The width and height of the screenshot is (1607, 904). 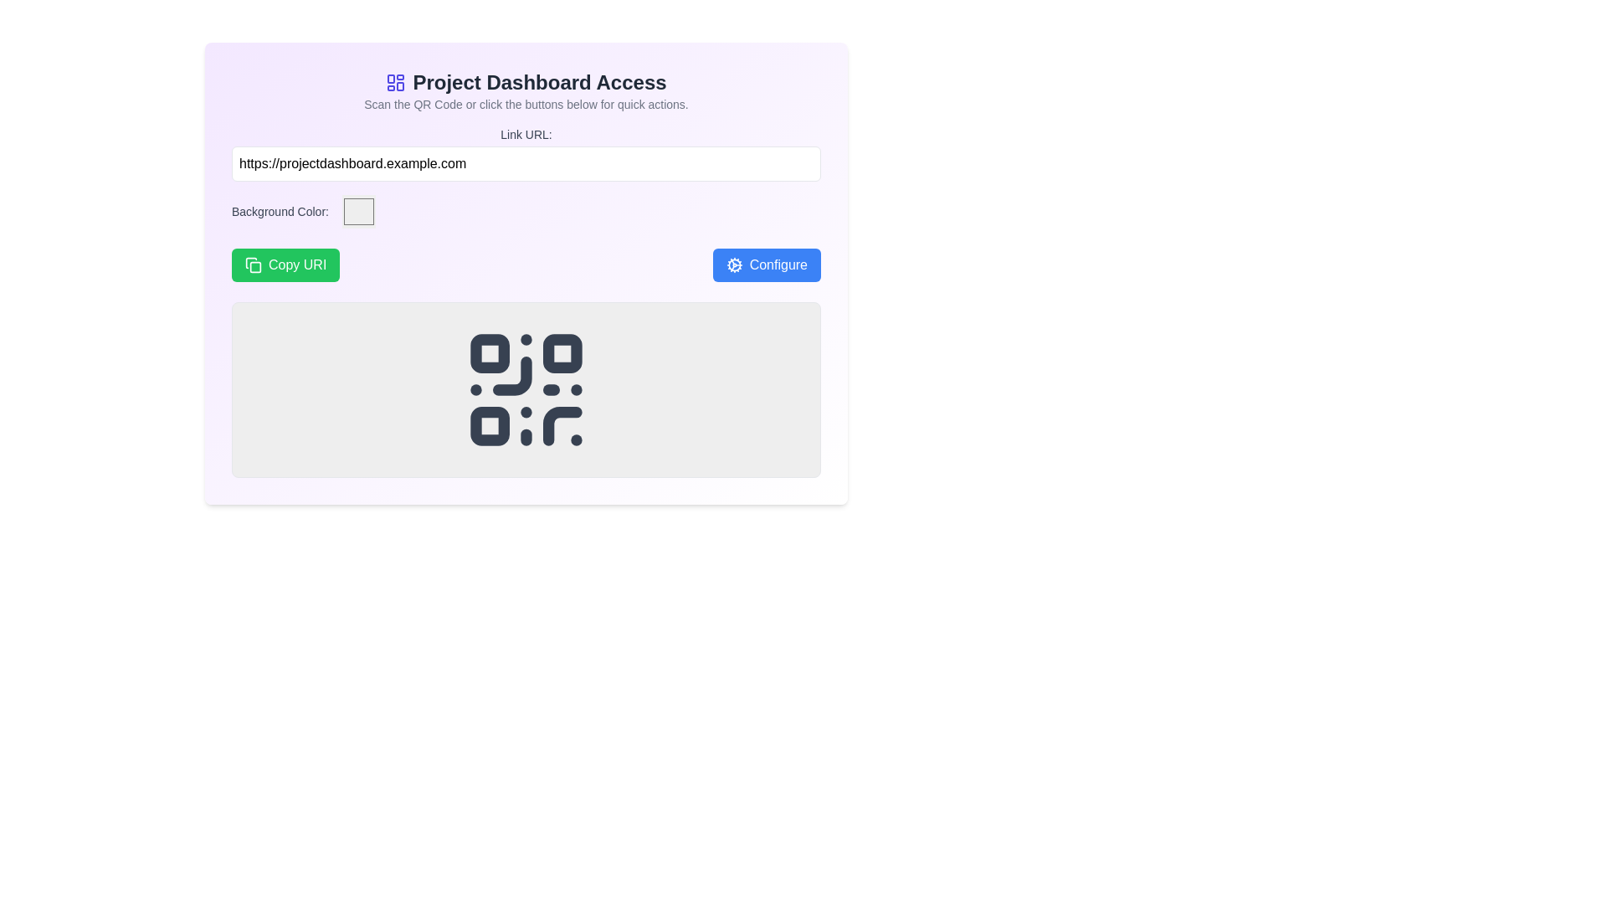 I want to click on the text label reading 'Link URL:' which is styled in gray color and located above the URL input field, so click(x=525, y=134).